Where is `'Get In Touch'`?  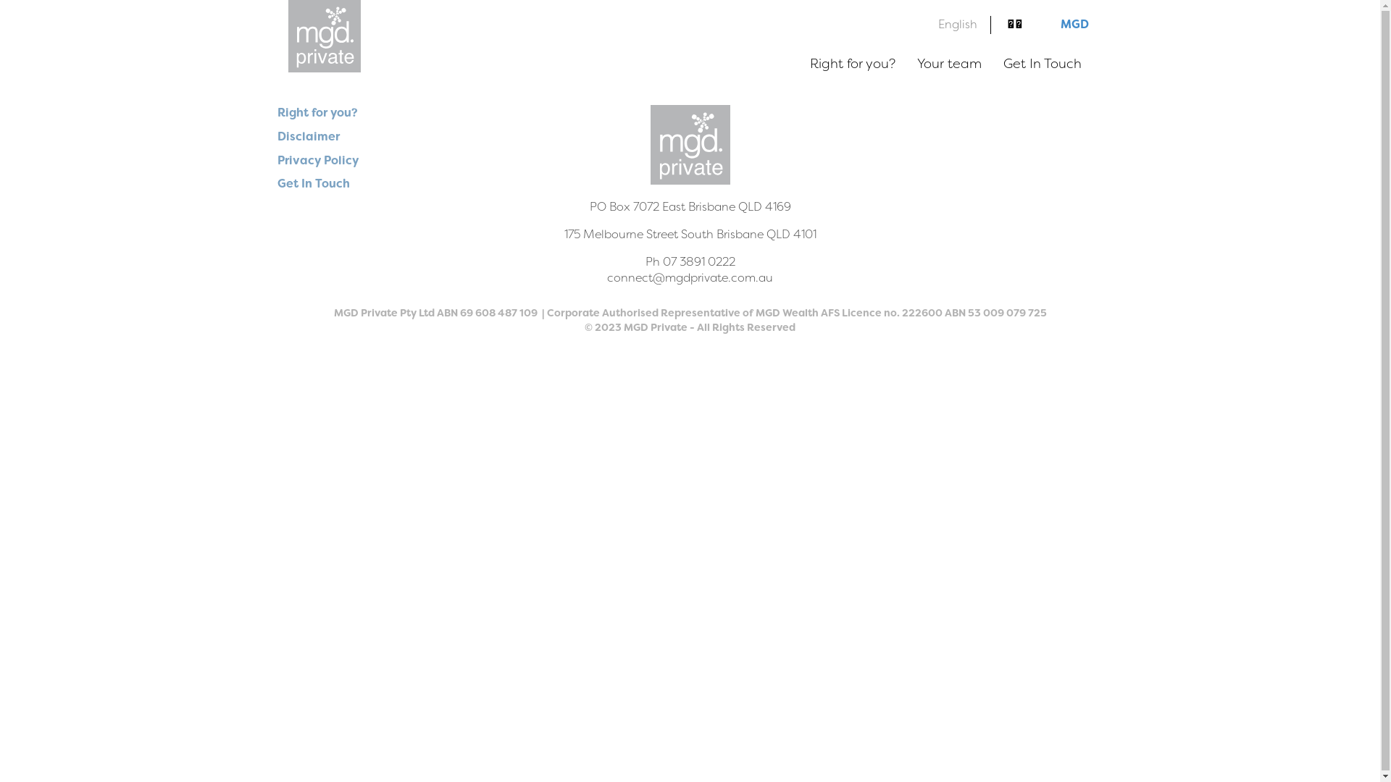 'Get In Touch' is located at coordinates (1042, 63).